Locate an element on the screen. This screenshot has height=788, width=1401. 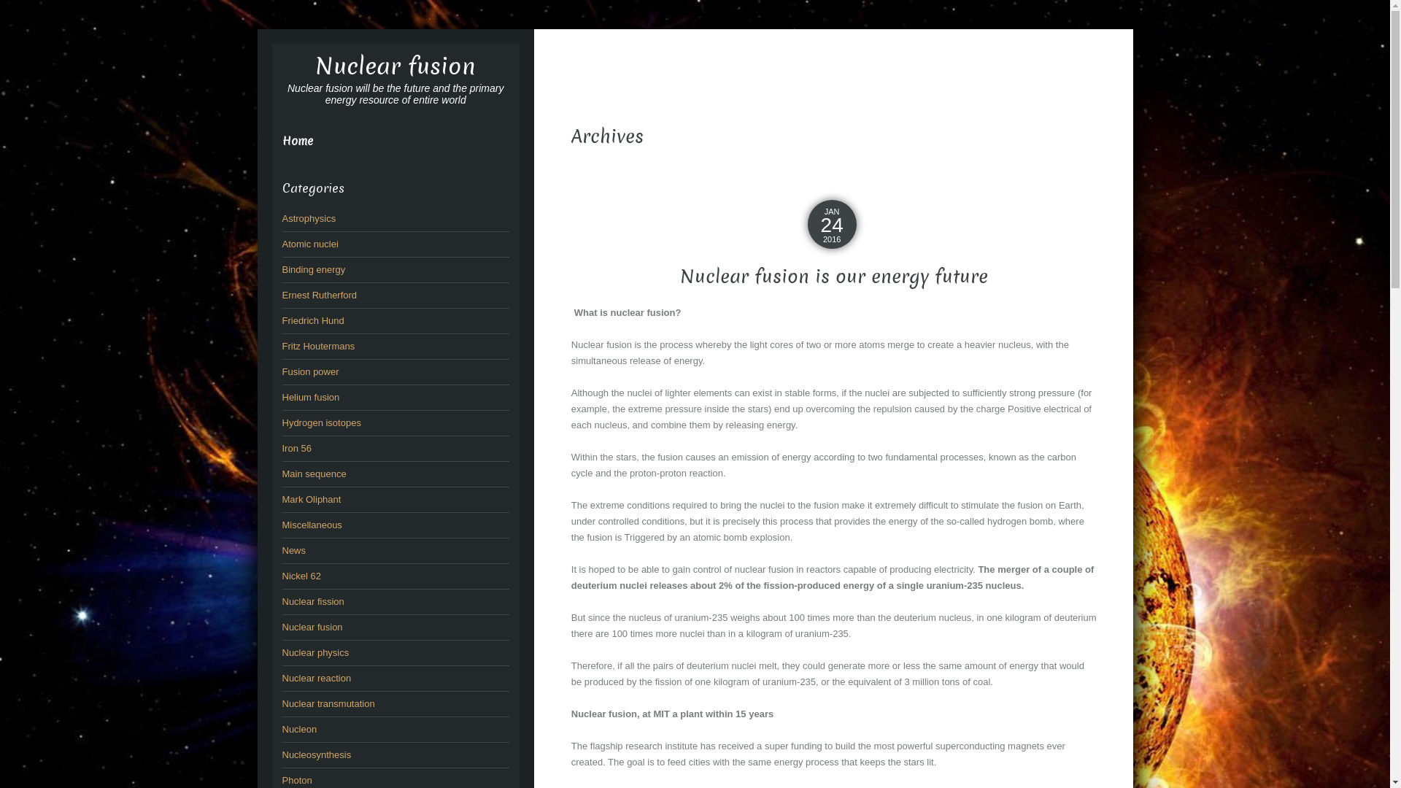
'Mark Oliphant' is located at coordinates (281, 498).